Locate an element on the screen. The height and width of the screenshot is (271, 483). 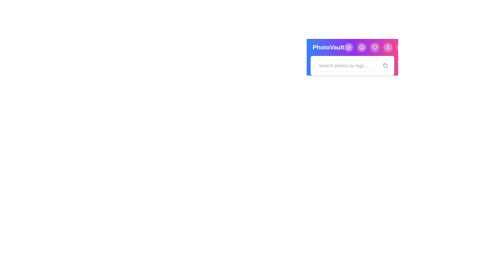
the Smile button to navigate to the corresponding feature is located at coordinates (361, 47).